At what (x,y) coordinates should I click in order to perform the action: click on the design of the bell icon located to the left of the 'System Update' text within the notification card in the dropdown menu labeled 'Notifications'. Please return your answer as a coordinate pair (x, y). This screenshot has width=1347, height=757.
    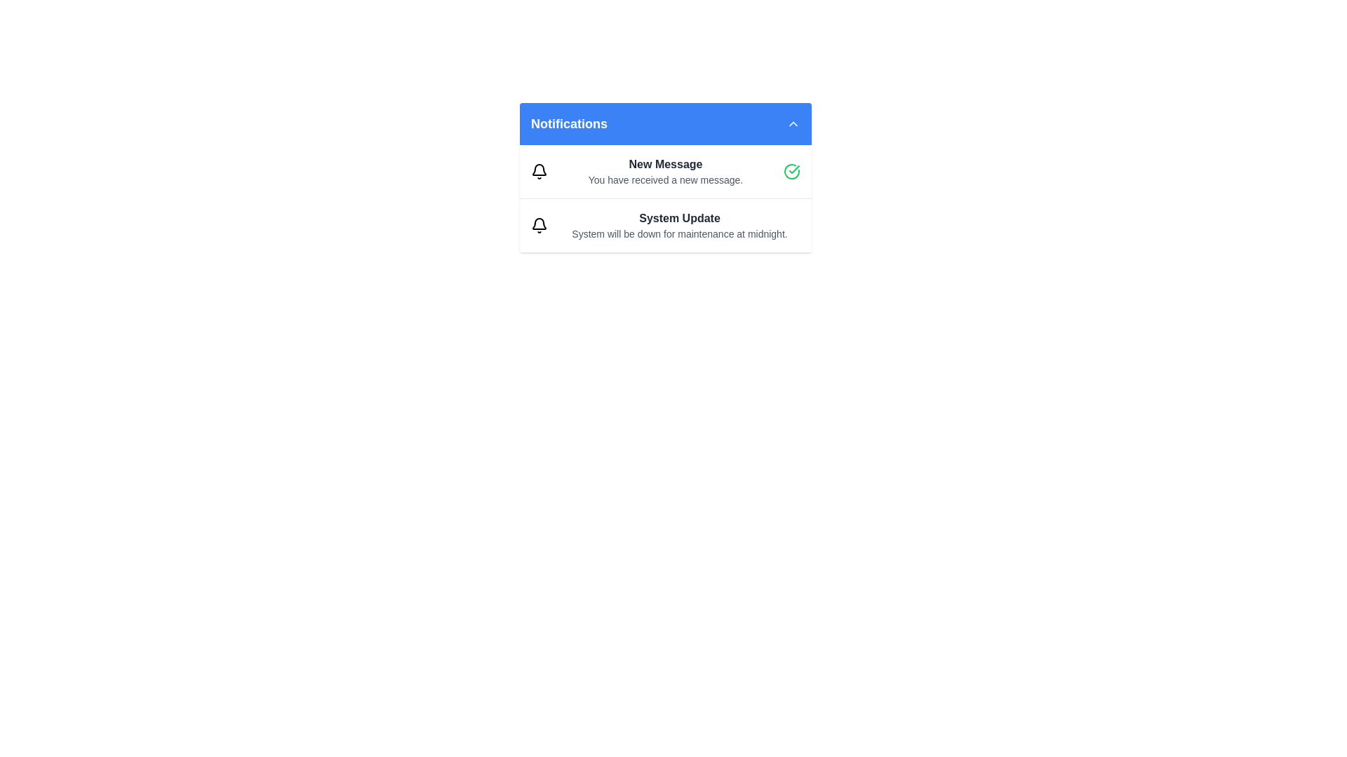
    Looking at the image, I should click on (538, 224).